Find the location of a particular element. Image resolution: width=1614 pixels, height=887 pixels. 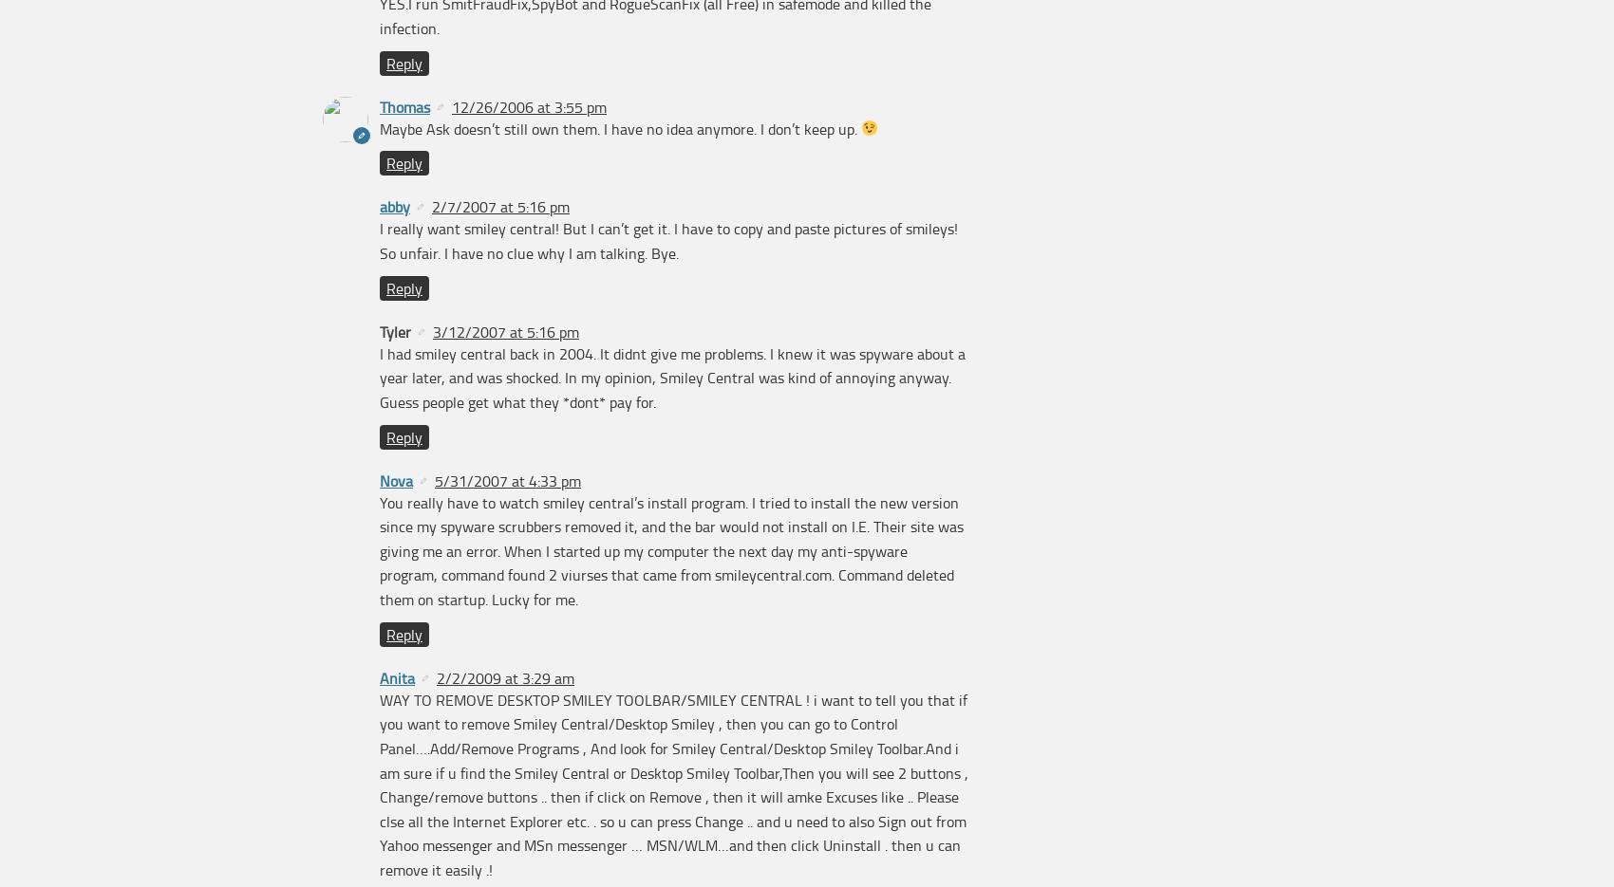

'2/2/2009 at 3:29 am' is located at coordinates (504, 675).